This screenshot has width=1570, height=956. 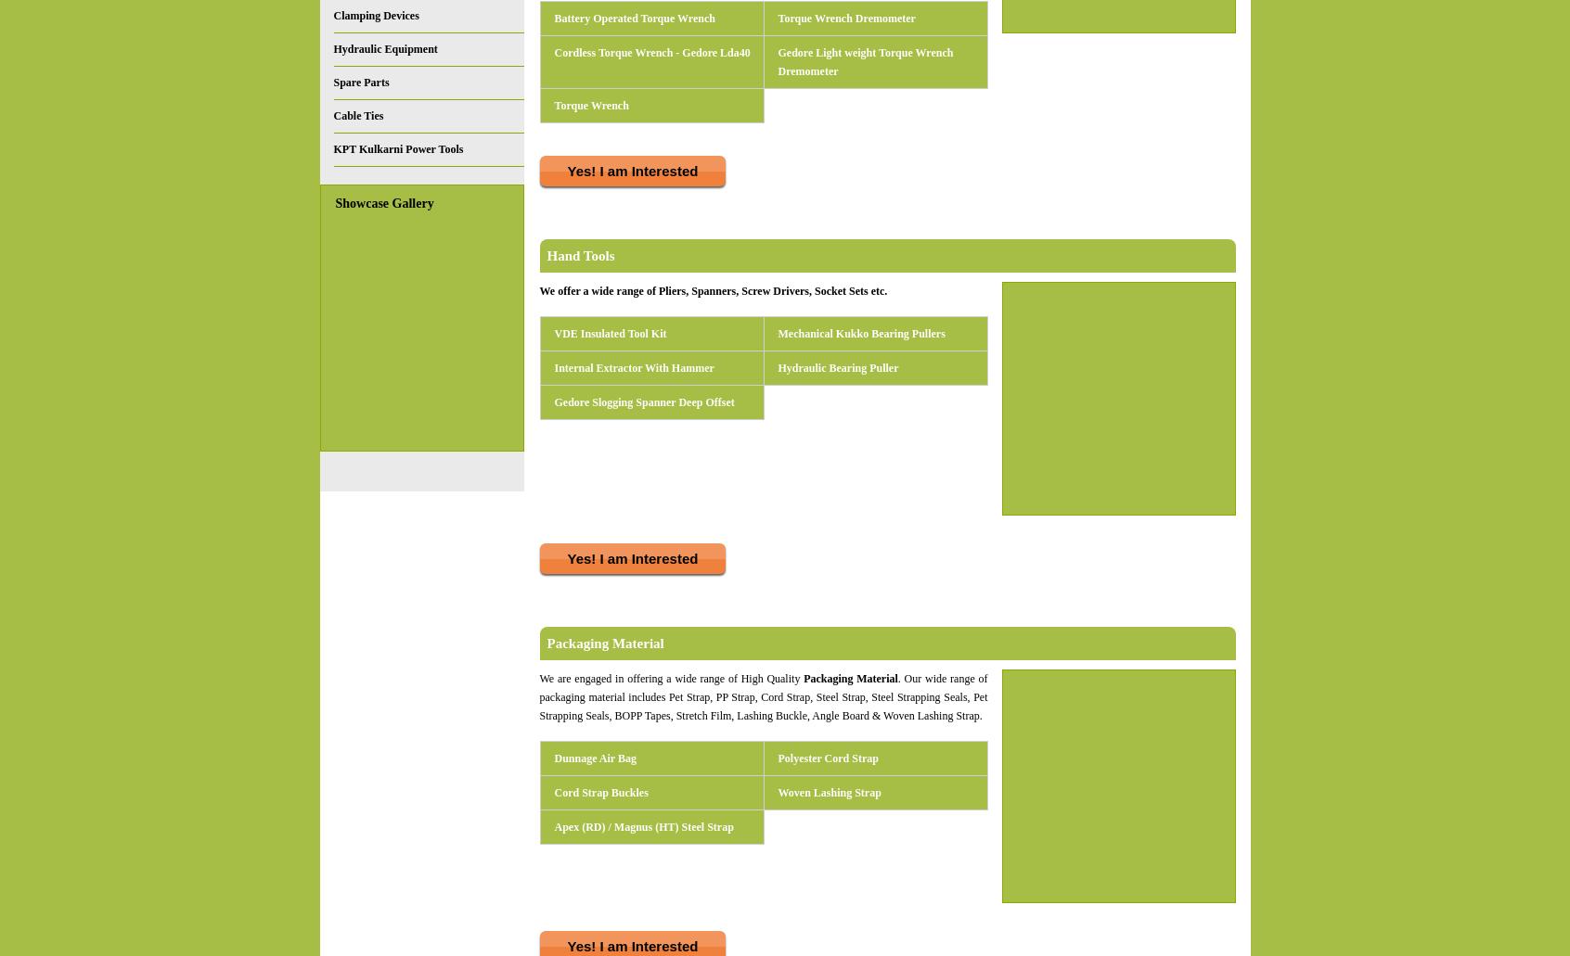 I want to click on 'Battery Operated Torque Wrench', so click(x=552, y=19).